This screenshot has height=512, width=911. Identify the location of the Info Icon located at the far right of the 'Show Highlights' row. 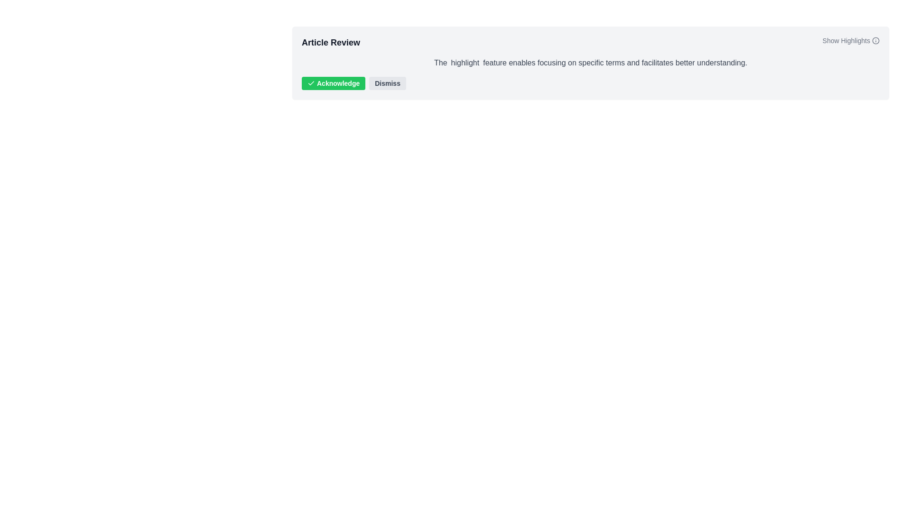
(875, 40).